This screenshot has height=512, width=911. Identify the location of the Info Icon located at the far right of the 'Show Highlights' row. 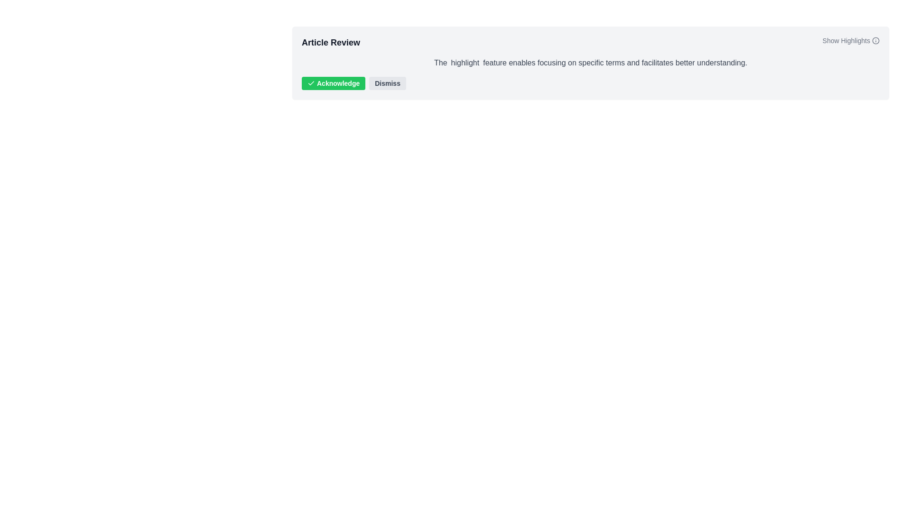
(875, 40).